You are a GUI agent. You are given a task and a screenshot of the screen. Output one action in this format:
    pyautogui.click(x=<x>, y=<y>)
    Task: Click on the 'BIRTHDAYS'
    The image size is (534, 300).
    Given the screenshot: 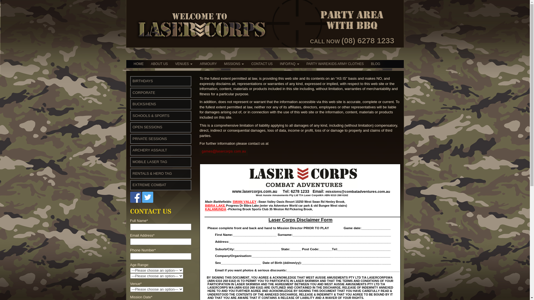 What is the action you would take?
    pyautogui.click(x=142, y=81)
    